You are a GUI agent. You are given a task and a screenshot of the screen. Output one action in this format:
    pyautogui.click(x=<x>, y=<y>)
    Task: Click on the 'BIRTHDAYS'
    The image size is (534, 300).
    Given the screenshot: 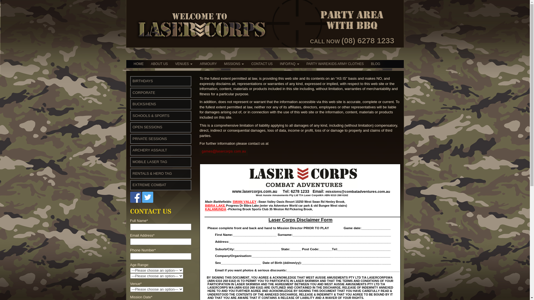 What is the action you would take?
    pyautogui.click(x=142, y=81)
    